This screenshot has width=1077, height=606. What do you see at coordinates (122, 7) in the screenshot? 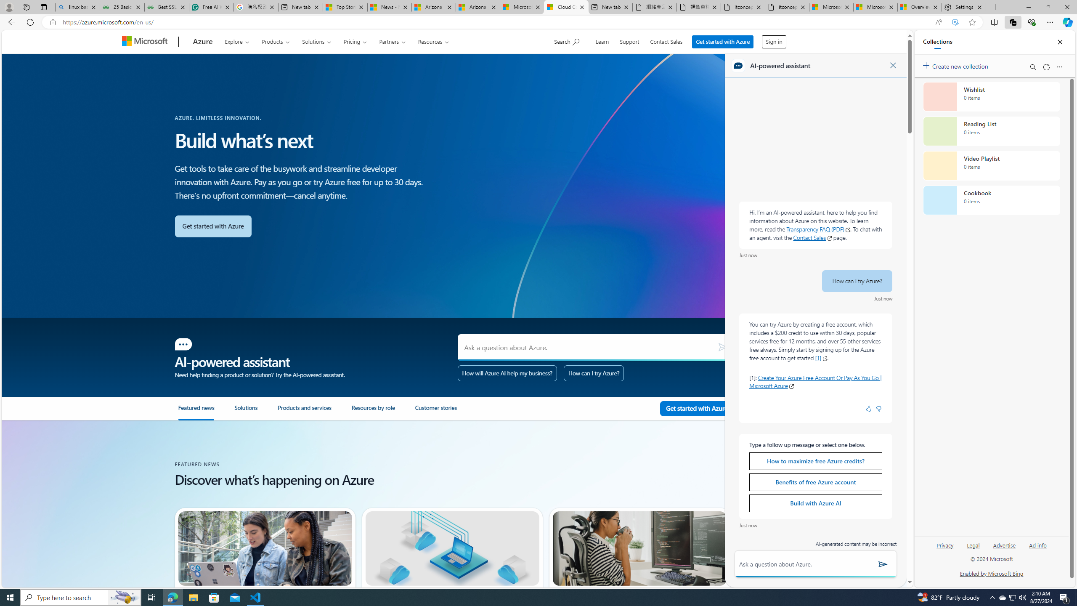
I see `'25 Basic Linux Commands For Beginners - GeeksforGeeks'` at bounding box center [122, 7].